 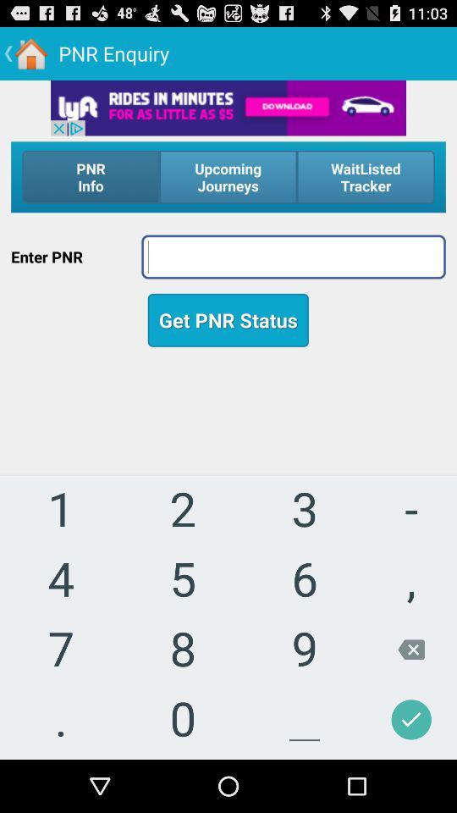 I want to click on advertisement website, so click(x=228, y=107).